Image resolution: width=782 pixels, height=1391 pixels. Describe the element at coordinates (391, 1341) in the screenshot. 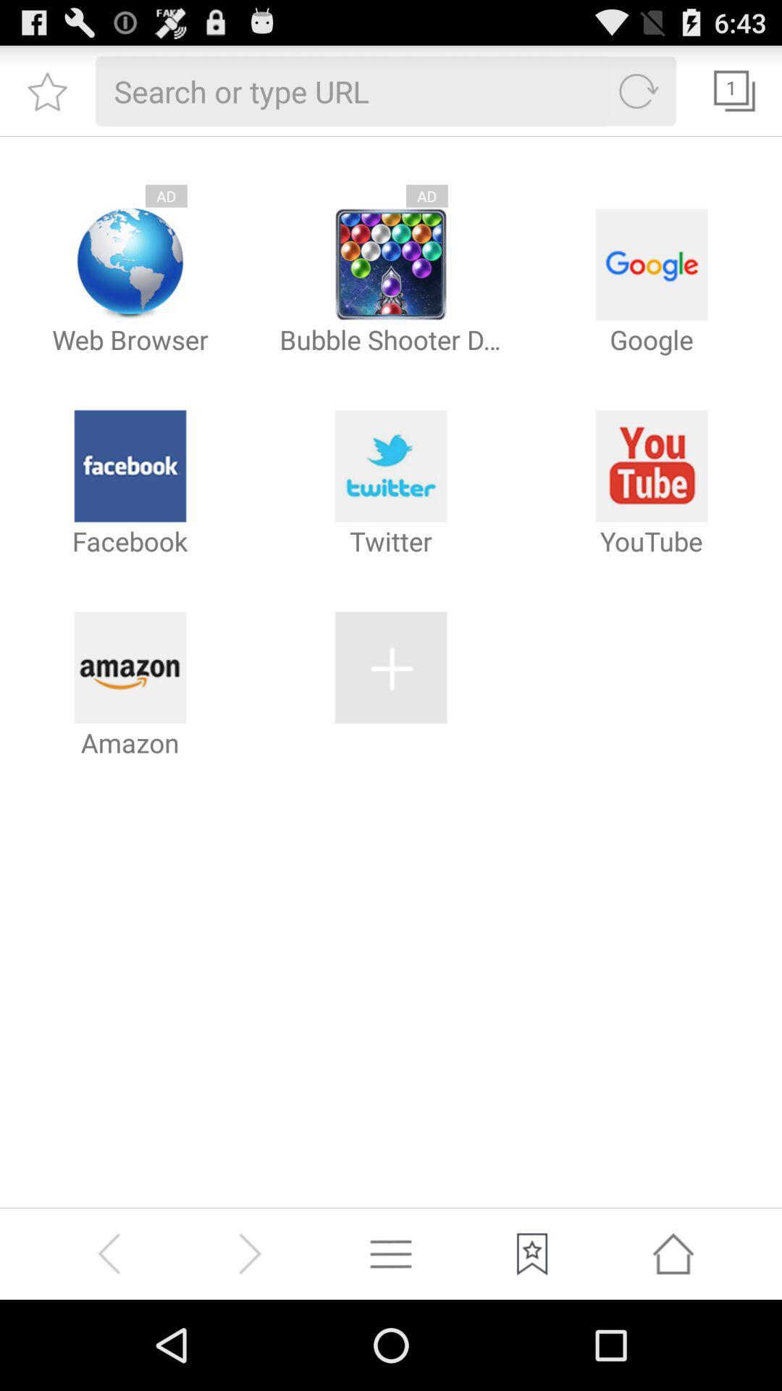

I see `the menu icon` at that location.